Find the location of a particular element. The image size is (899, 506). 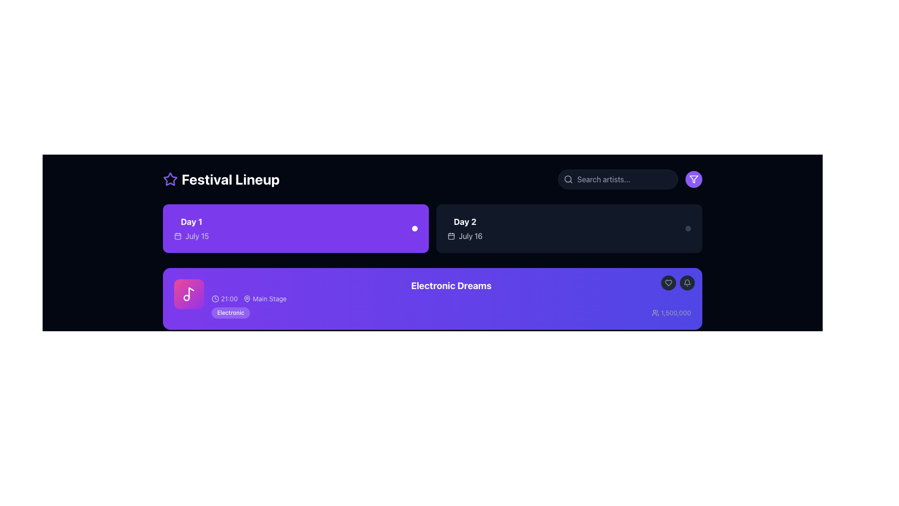

the schedule list item that displays the event title, time, venue, category, and popularity metrics, located beneath the 'Day 1' selector is located at coordinates (451, 298).